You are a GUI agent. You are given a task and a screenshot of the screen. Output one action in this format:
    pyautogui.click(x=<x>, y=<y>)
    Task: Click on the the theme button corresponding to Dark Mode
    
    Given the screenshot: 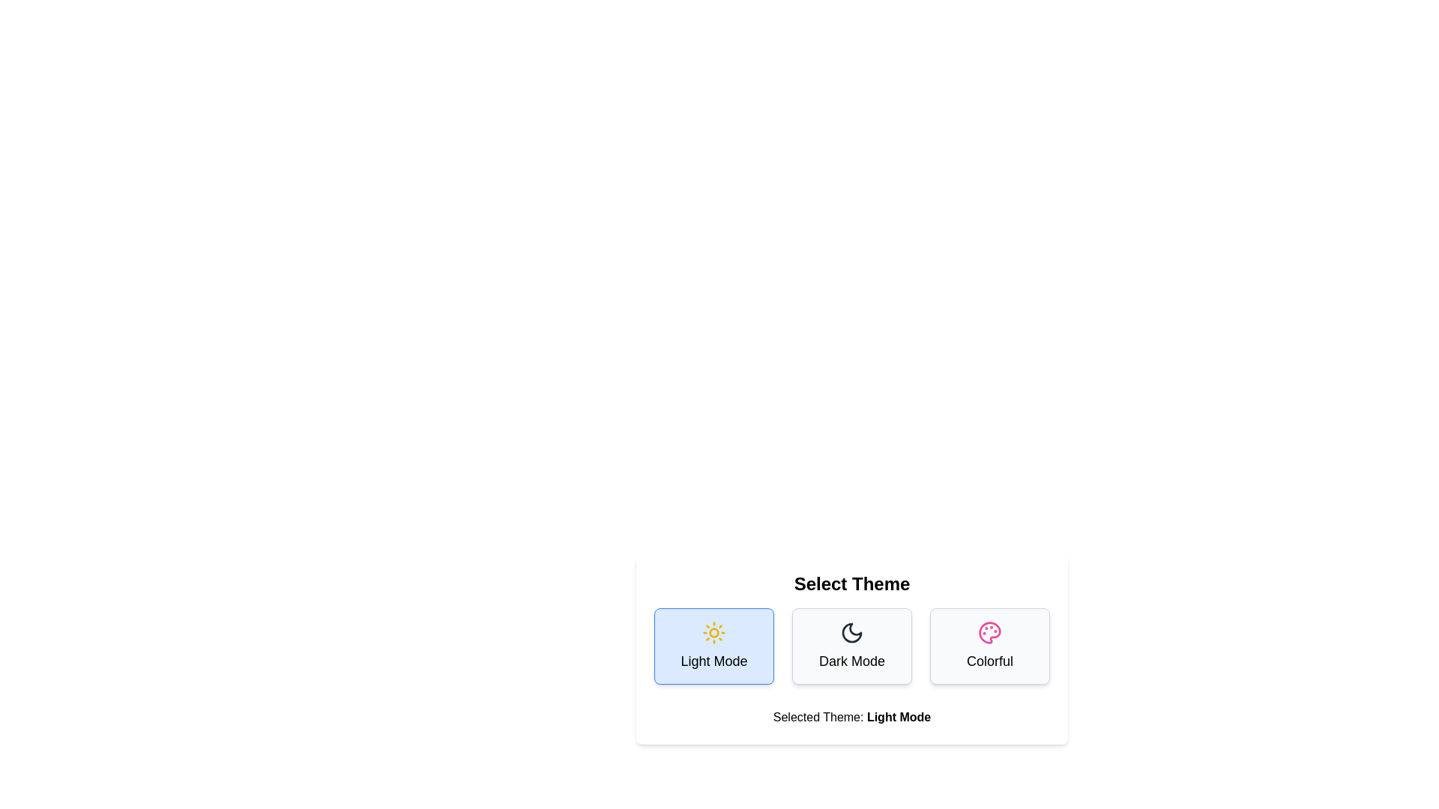 What is the action you would take?
    pyautogui.click(x=852, y=646)
    